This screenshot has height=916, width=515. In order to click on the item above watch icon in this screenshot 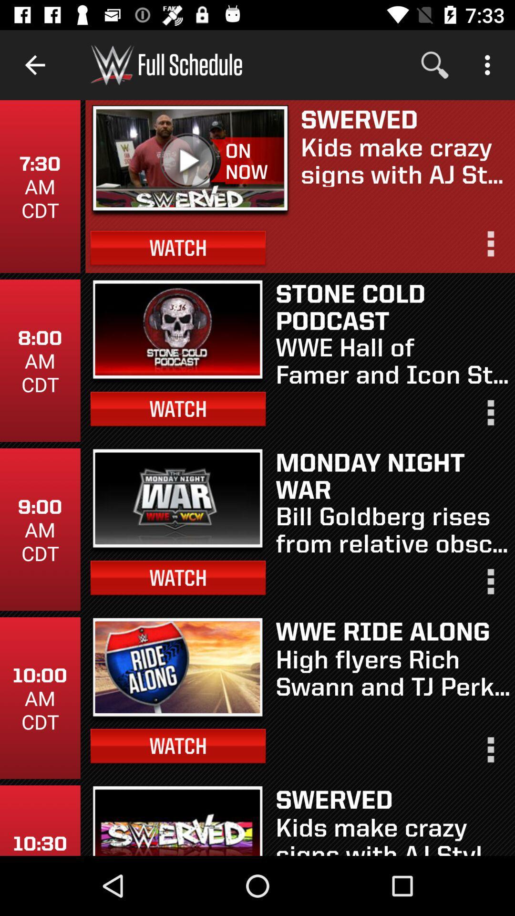, I will do `click(254, 161)`.